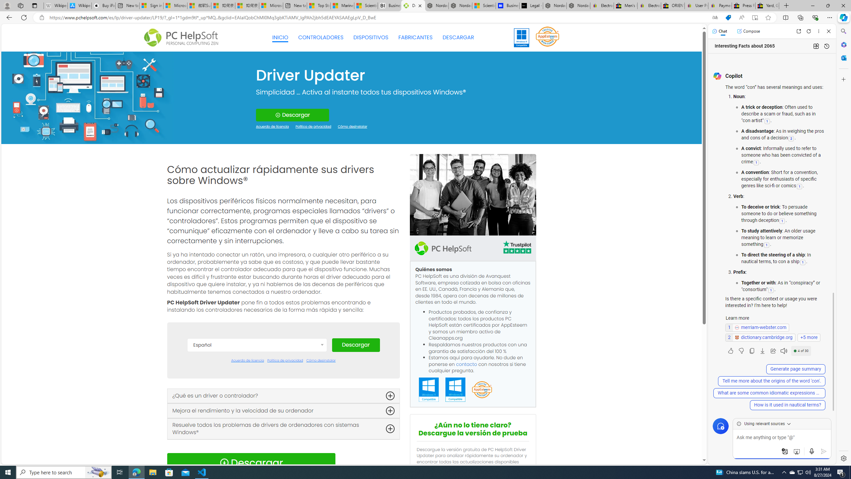  Describe the element at coordinates (719, 5) in the screenshot. I see `'Payments Terms of Use | eBay.com'` at that location.